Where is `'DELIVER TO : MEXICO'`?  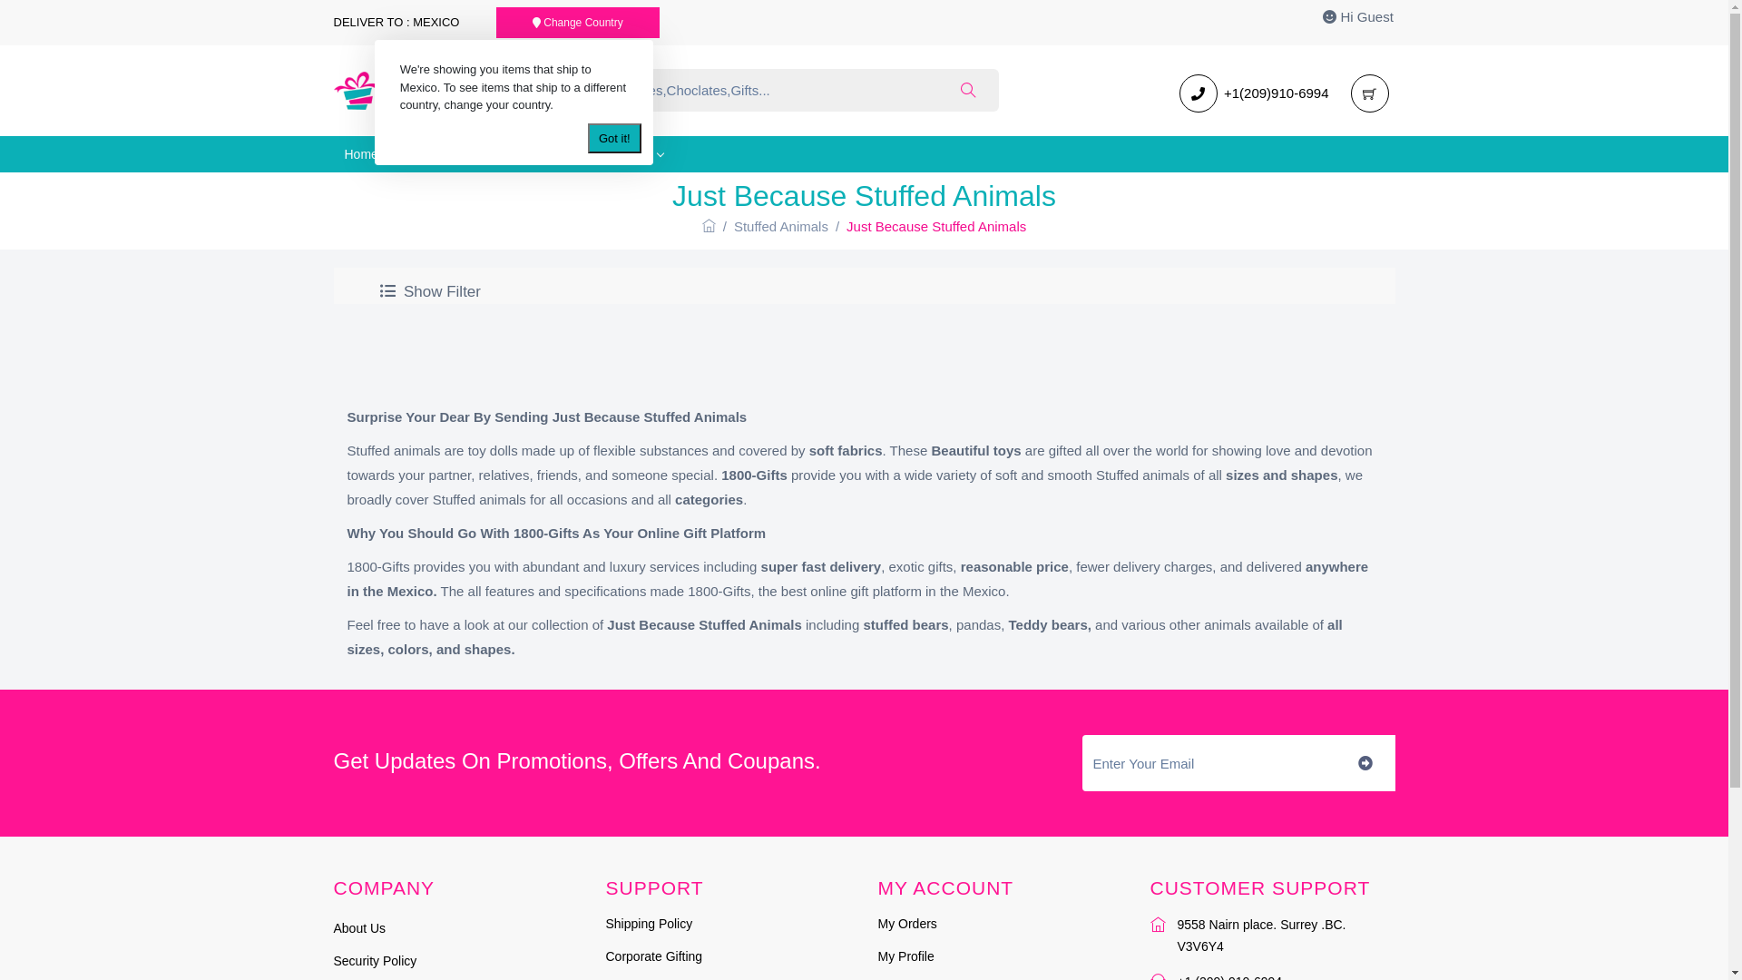 'DELIVER TO : MEXICO' is located at coordinates (334, 22).